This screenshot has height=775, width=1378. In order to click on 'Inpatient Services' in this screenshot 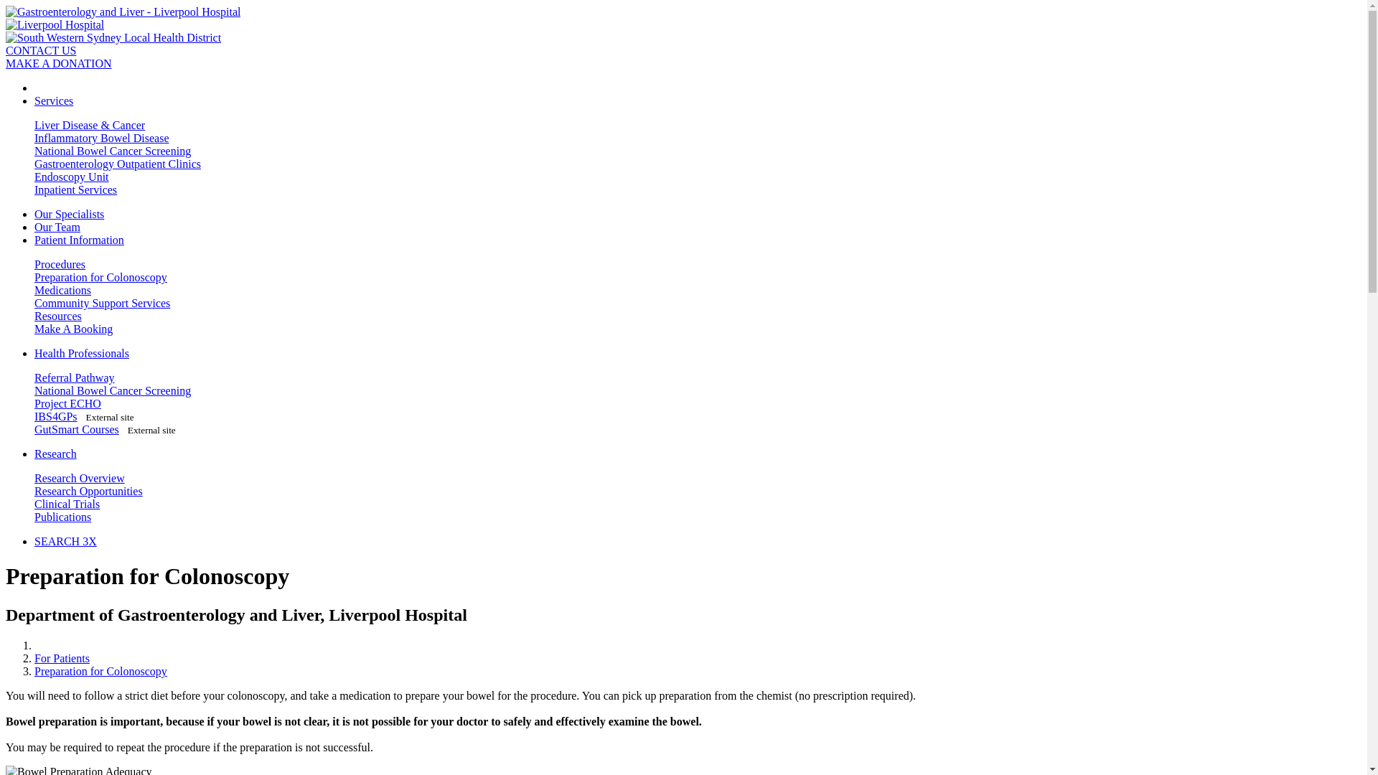, I will do `click(75, 189)`.